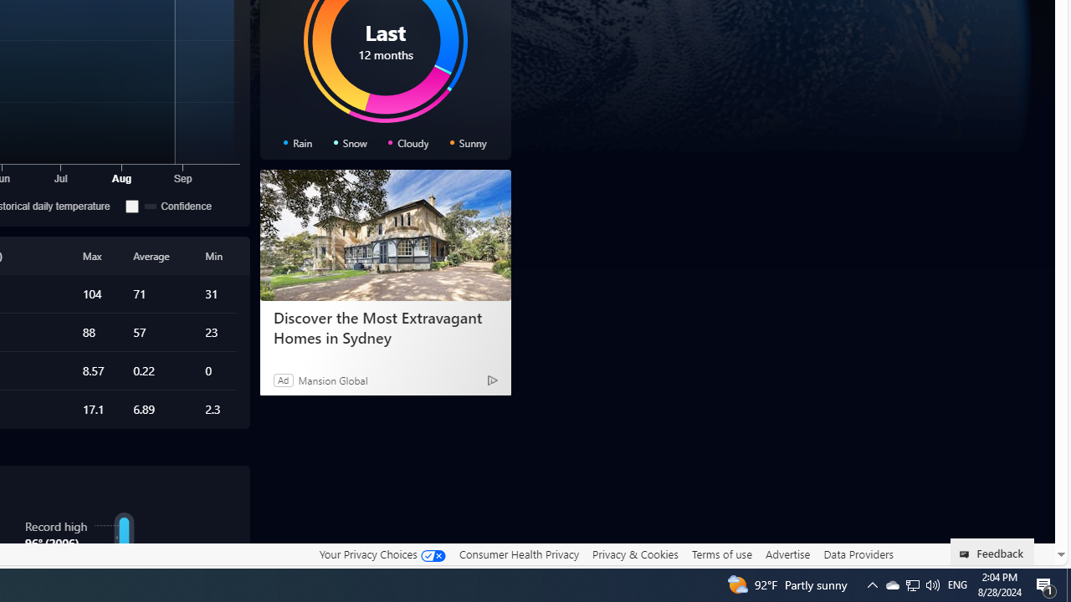 Image resolution: width=1071 pixels, height=602 pixels. What do you see at coordinates (858, 554) in the screenshot?
I see `'Data Providers'` at bounding box center [858, 554].